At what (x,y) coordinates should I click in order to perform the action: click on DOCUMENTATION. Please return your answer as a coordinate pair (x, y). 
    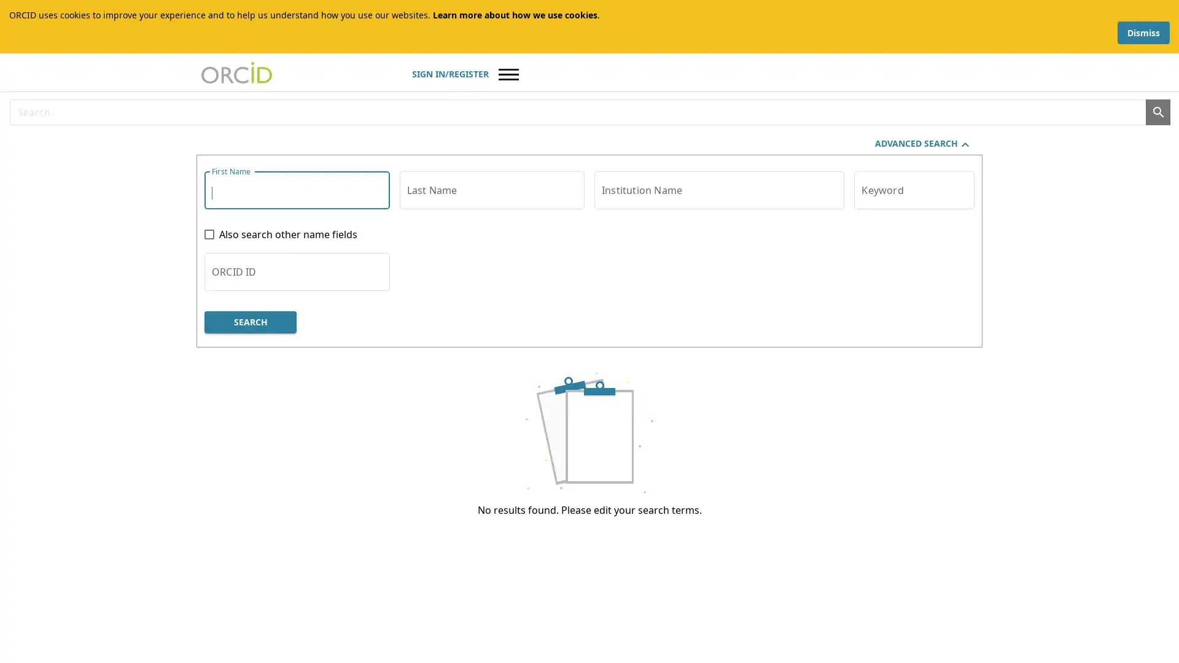
    Looking at the image, I should click on (553, 139).